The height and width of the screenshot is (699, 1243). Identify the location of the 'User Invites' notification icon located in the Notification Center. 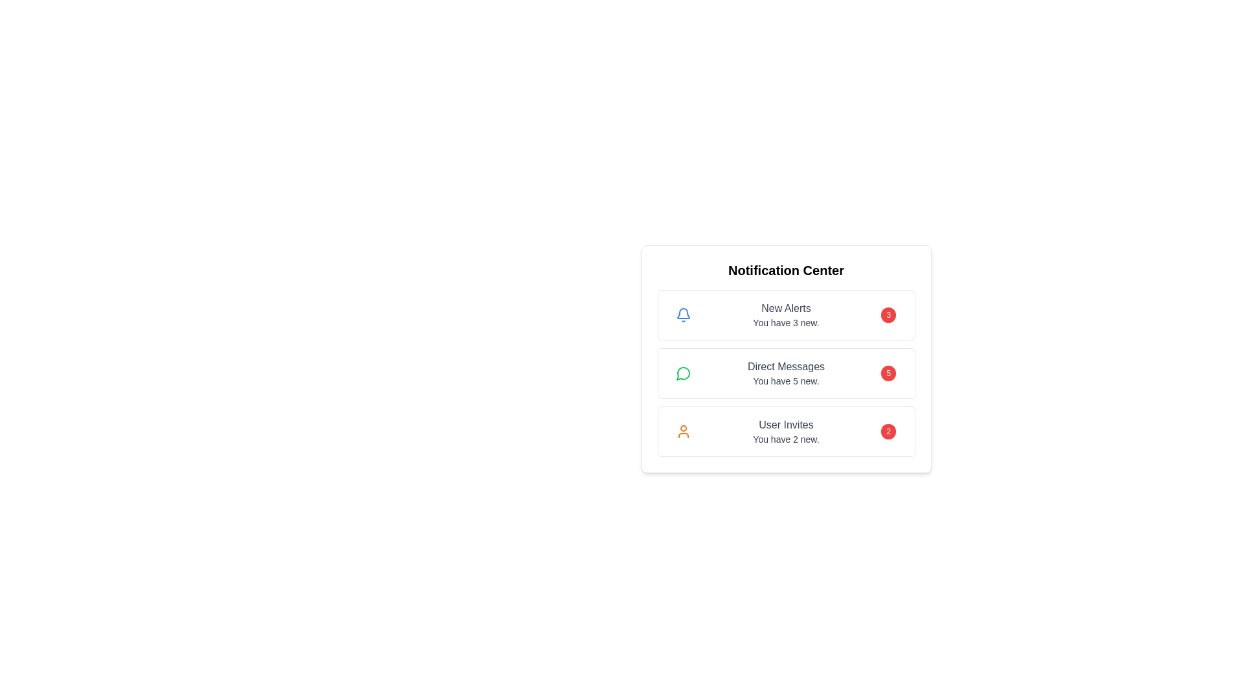
(683, 432).